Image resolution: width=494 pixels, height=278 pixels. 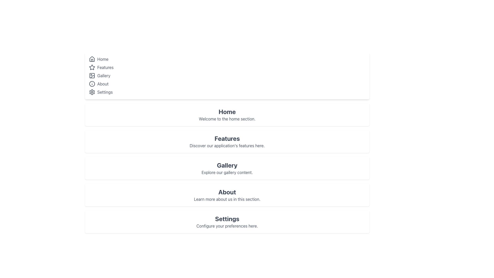 What do you see at coordinates (105, 67) in the screenshot?
I see `the 'Features' text label in the vertical navigation menu for keyboard navigation` at bounding box center [105, 67].